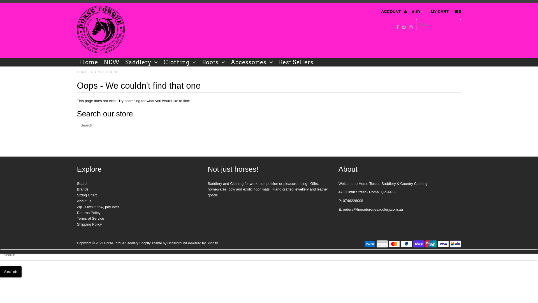 The height and width of the screenshot is (303, 538). Describe the element at coordinates (98, 207) in the screenshot. I see `'Zip - Own it now, pay later'` at that location.